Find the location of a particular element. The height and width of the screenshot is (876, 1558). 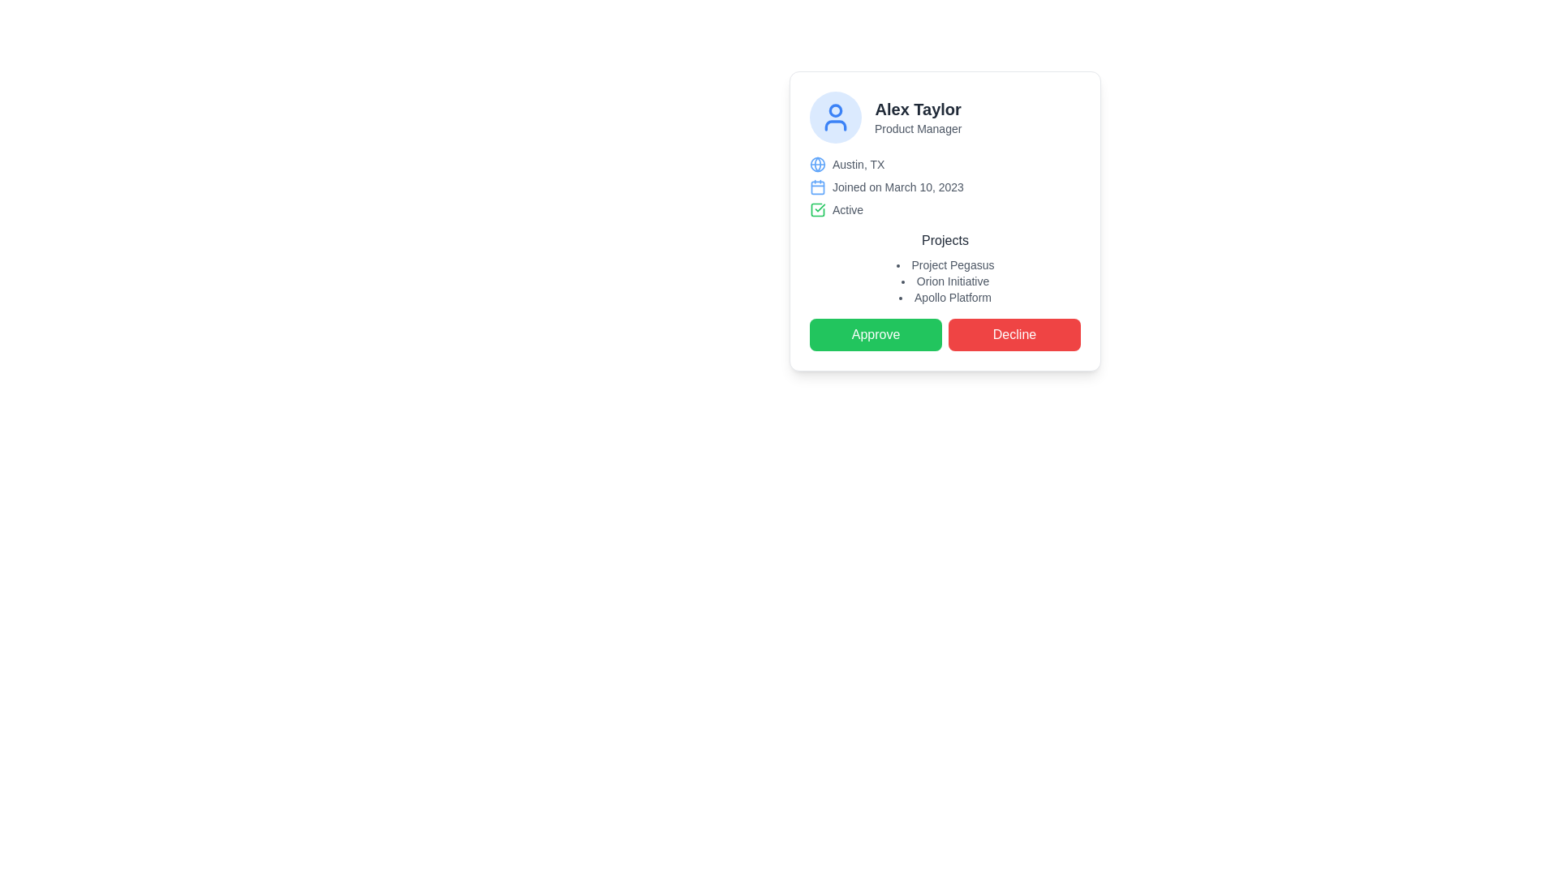

the static text label displaying 'Product Manager', which is located directly below 'Alex Taylor' in the top-left section of the card layout is located at coordinates (918, 127).